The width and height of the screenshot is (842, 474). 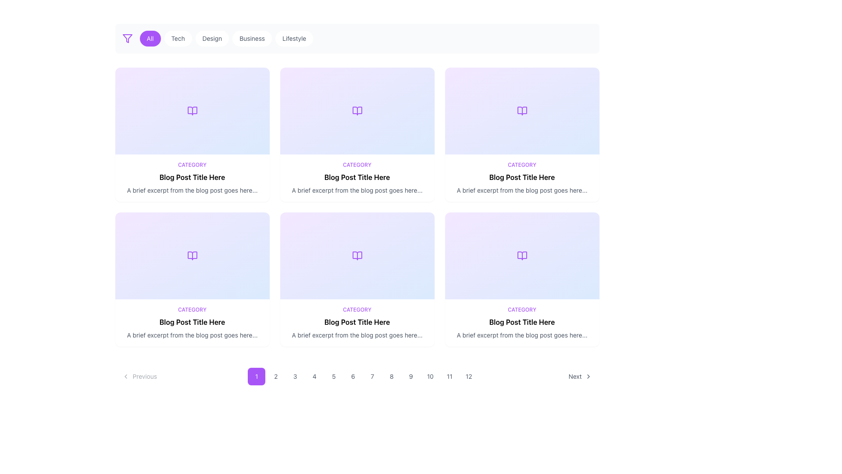 What do you see at coordinates (357, 309) in the screenshot?
I see `the Text Label that categorizes the blog post content, located above the 'Blog Post Title Here'` at bounding box center [357, 309].